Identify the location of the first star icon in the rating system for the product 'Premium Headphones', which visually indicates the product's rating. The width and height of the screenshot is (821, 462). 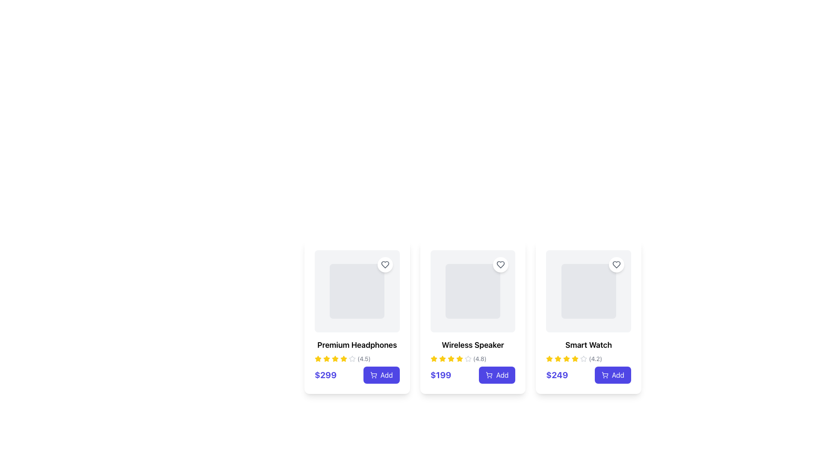
(318, 358).